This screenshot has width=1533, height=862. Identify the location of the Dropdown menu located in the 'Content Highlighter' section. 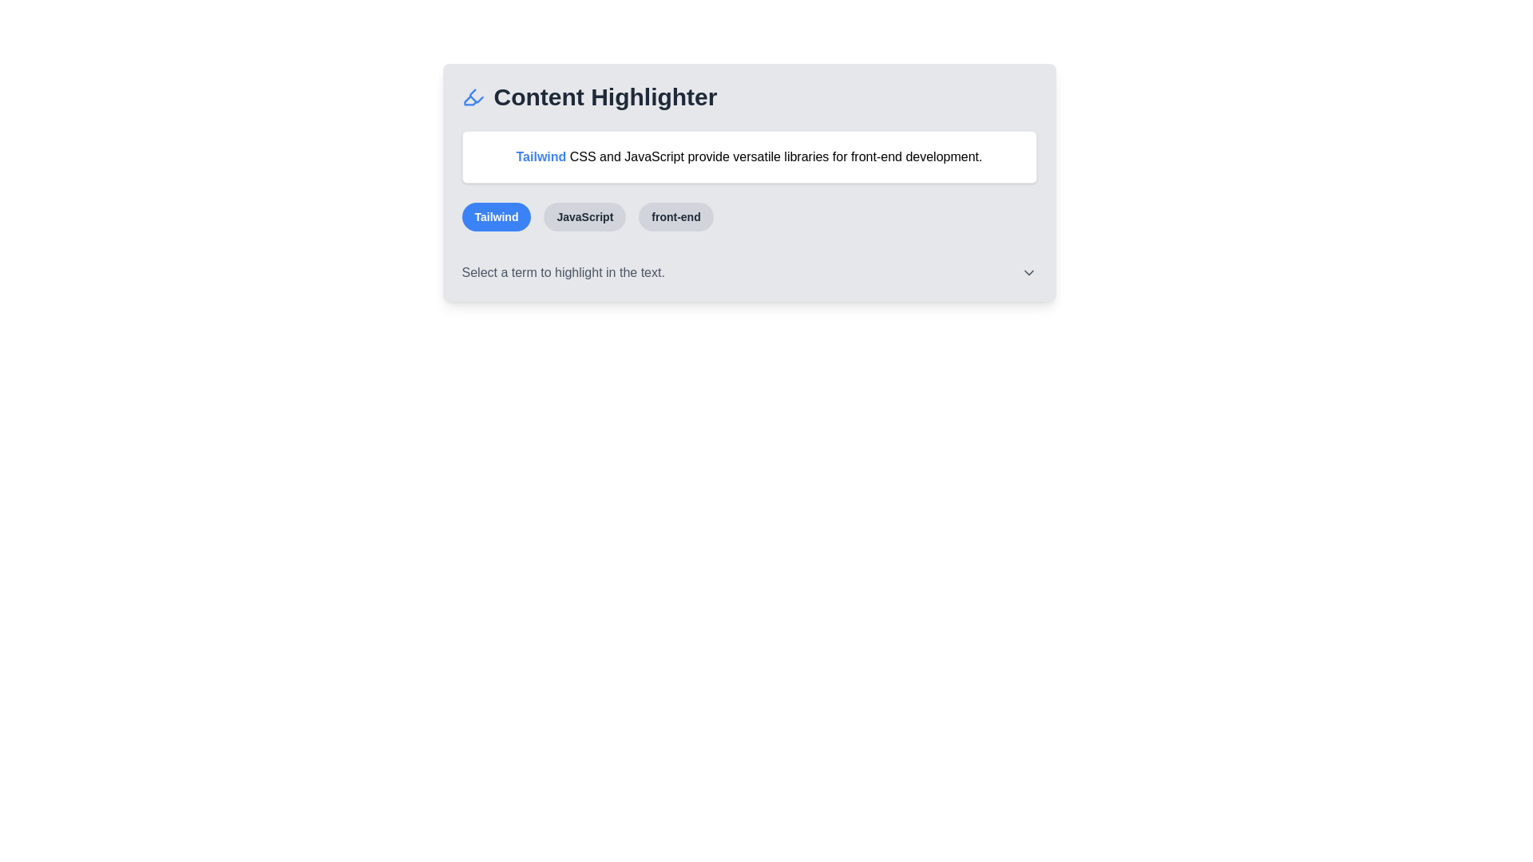
(748, 272).